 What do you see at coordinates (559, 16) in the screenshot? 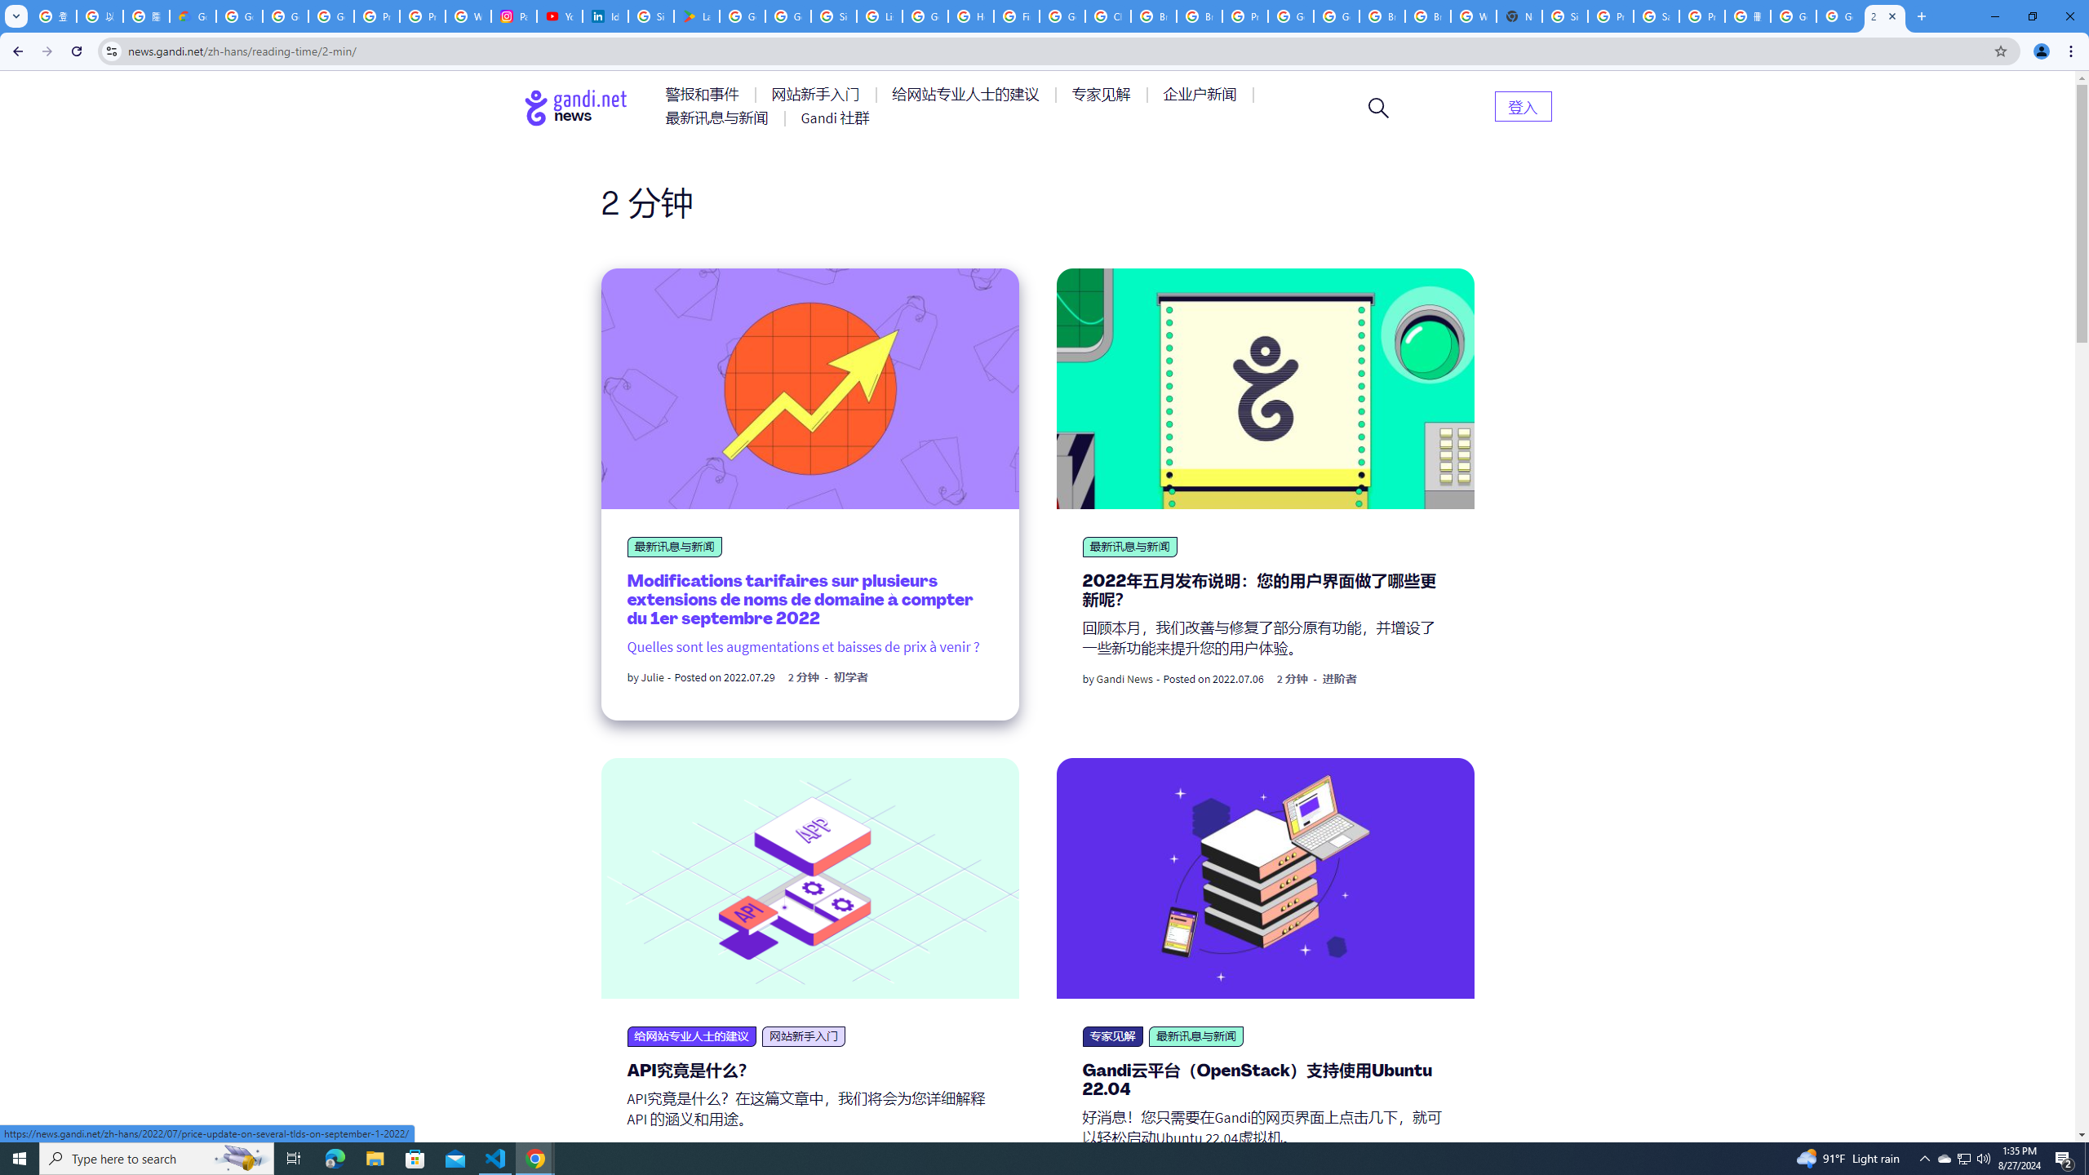
I see `'YouTube Culture & Trends - On The Rise: Handcam Videos'` at bounding box center [559, 16].